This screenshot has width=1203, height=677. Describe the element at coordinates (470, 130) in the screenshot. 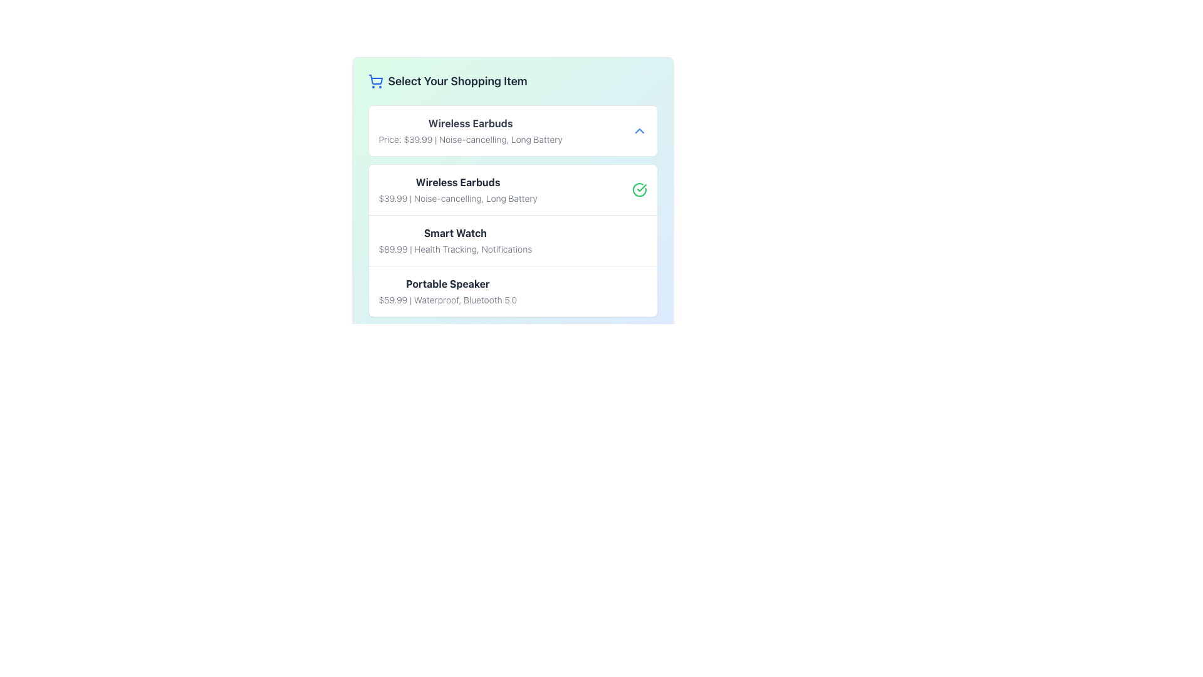

I see `the text label displaying the name, price, and key details of the Wireless Earbuds in the first item of the selectable list` at that location.